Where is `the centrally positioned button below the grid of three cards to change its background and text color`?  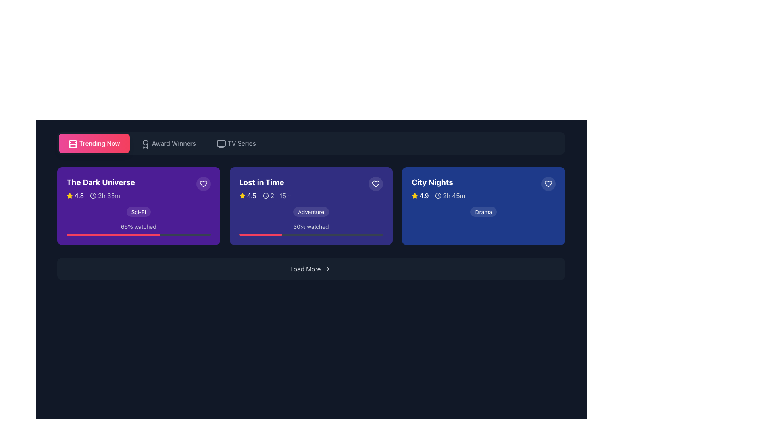
the centrally positioned button below the grid of three cards to change its background and text color is located at coordinates (310, 269).